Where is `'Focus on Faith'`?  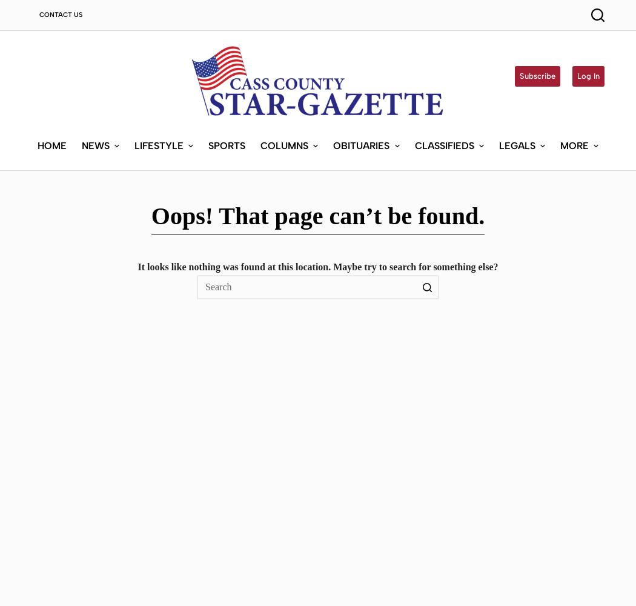 'Focus on Faith' is located at coordinates (293, 221).